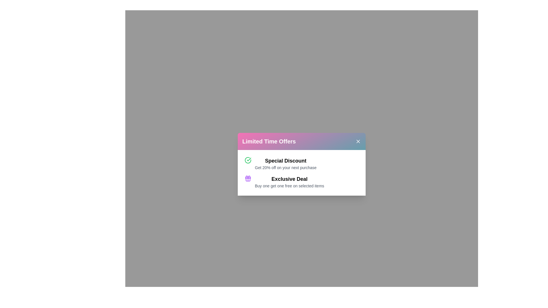 The height and width of the screenshot is (308, 548). Describe the element at coordinates (358, 141) in the screenshot. I see `the close button of the dialog to close it` at that location.